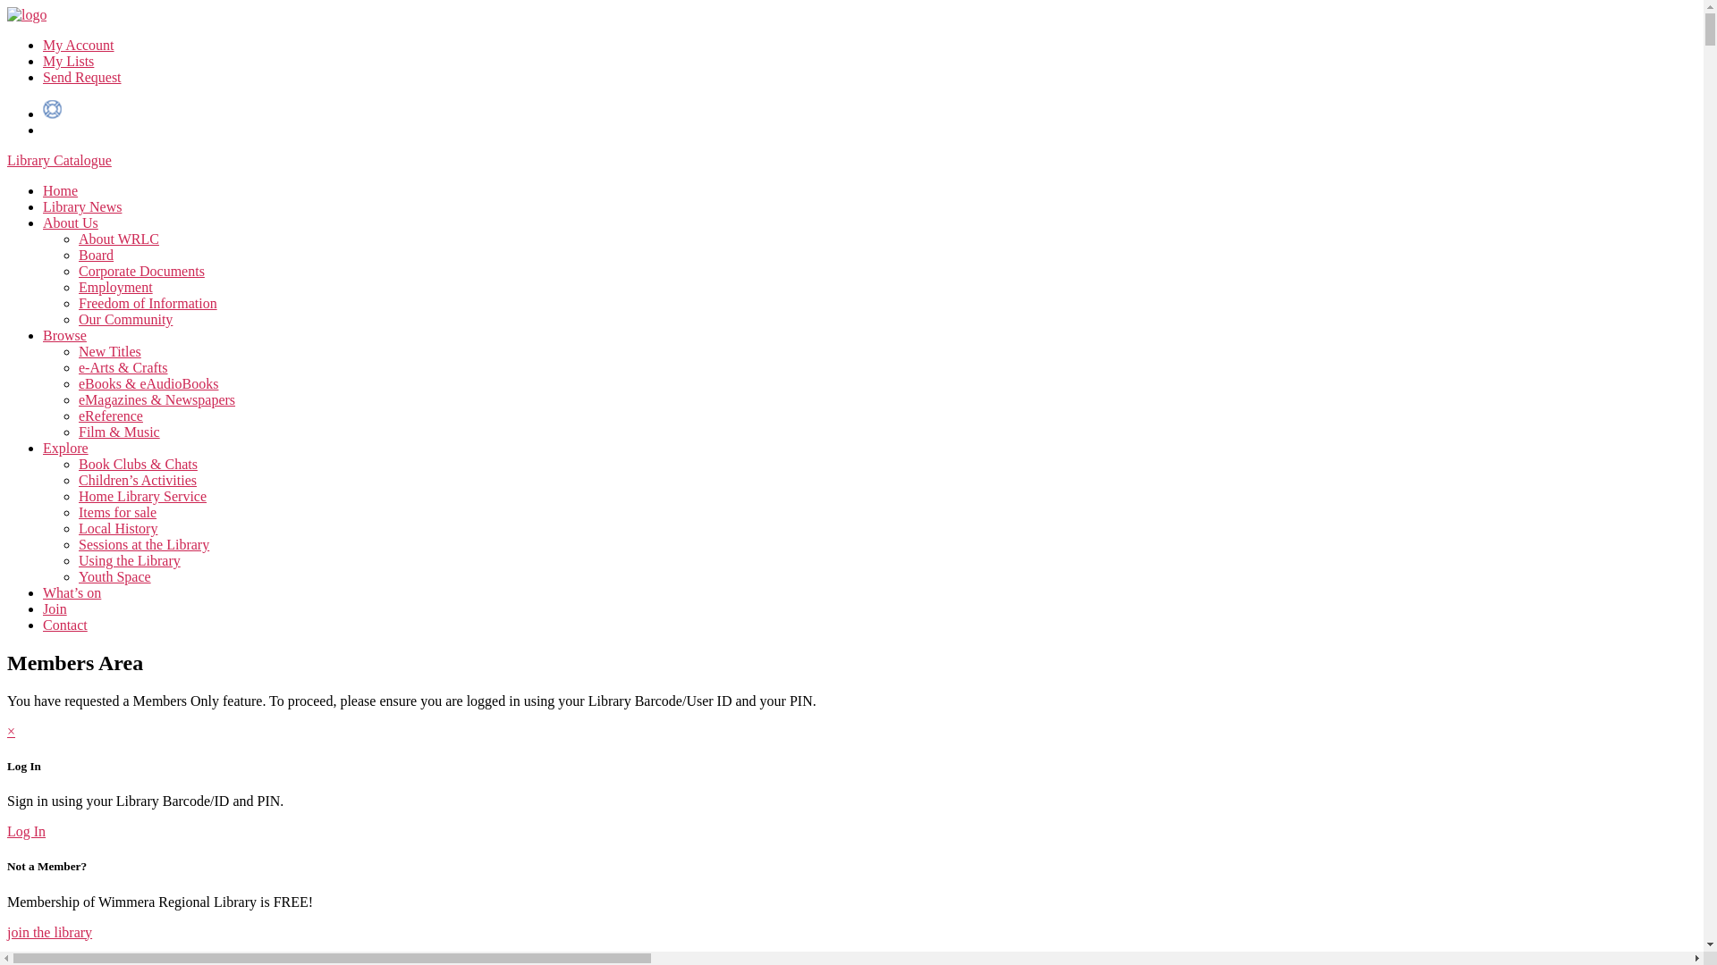 The height and width of the screenshot is (965, 1717). What do you see at coordinates (77, 44) in the screenshot?
I see `'My Account'` at bounding box center [77, 44].